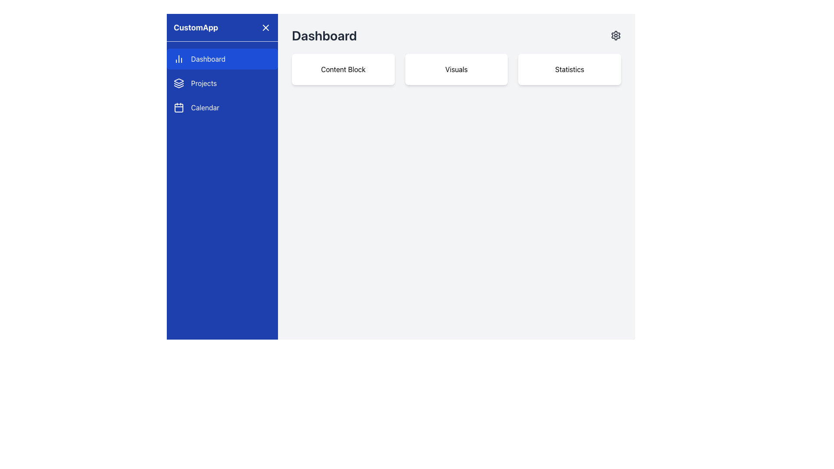  What do you see at coordinates (456, 69) in the screenshot?
I see `the 'Visuals' block in the grid layout` at bounding box center [456, 69].